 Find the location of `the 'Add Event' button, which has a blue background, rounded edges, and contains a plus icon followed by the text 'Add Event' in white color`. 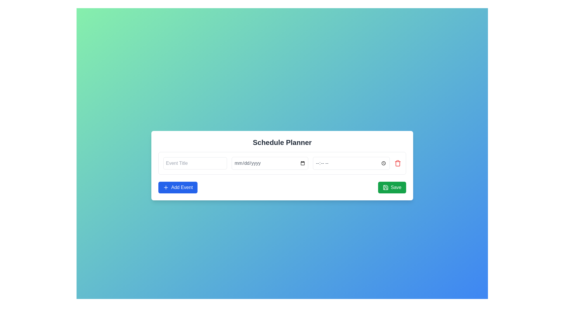

the 'Add Event' button, which has a blue background, rounded edges, and contains a plus icon followed by the text 'Add Event' in white color is located at coordinates (177, 188).